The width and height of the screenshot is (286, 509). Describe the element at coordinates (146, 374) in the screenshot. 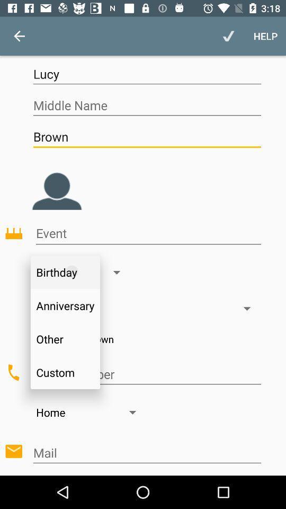

I see `click on custom to add various types of events` at that location.